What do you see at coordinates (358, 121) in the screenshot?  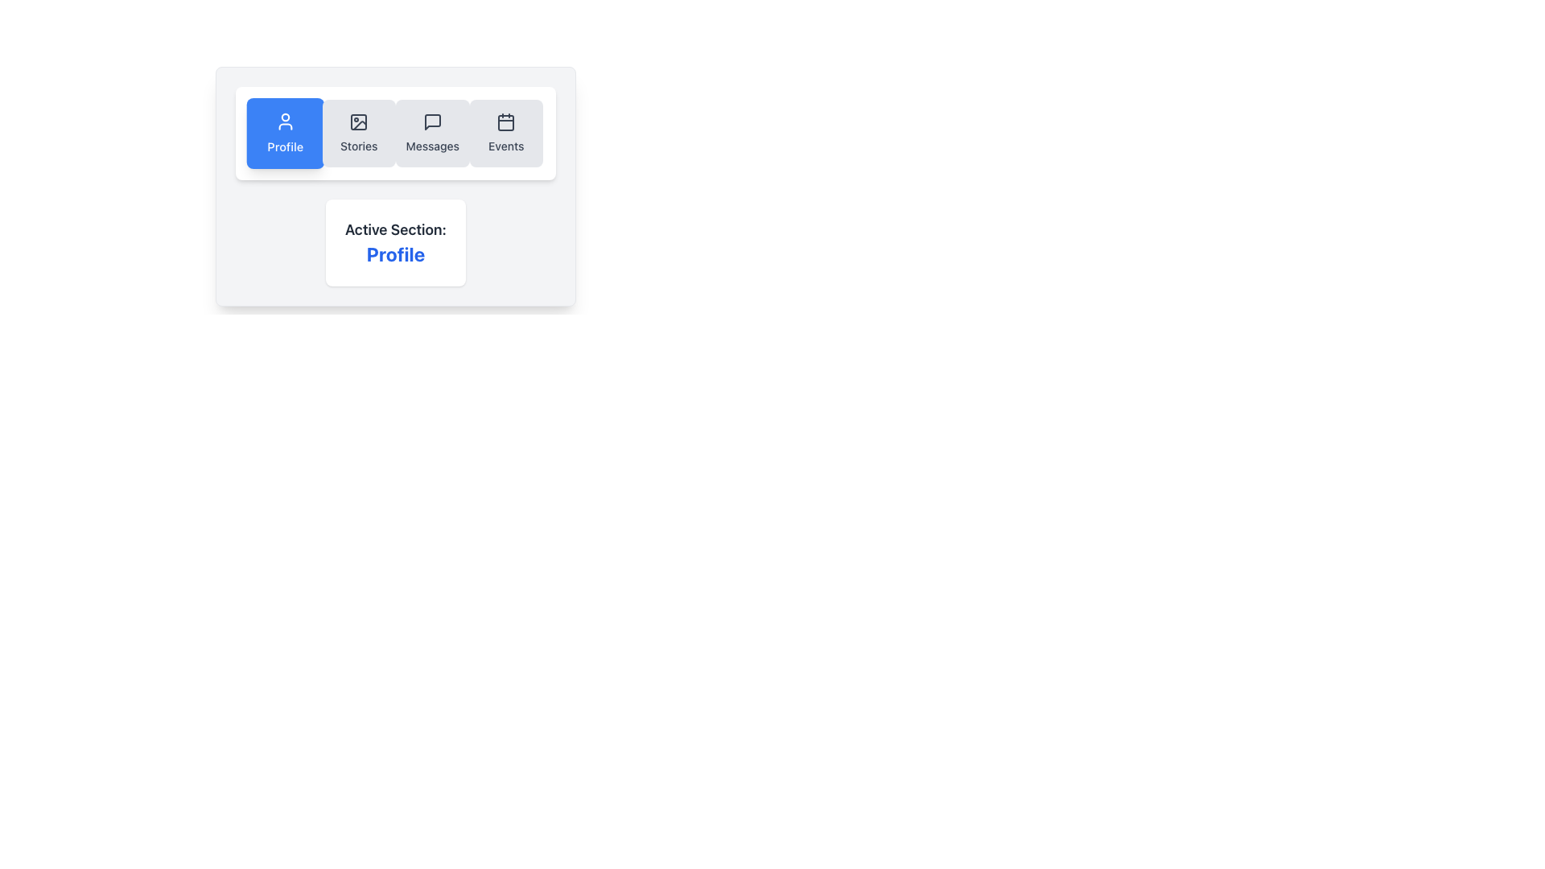 I see `the rectangular background element within the SVG graphic of the navigation bar, which is styled with rounded corners and serves as a structural background element` at bounding box center [358, 121].